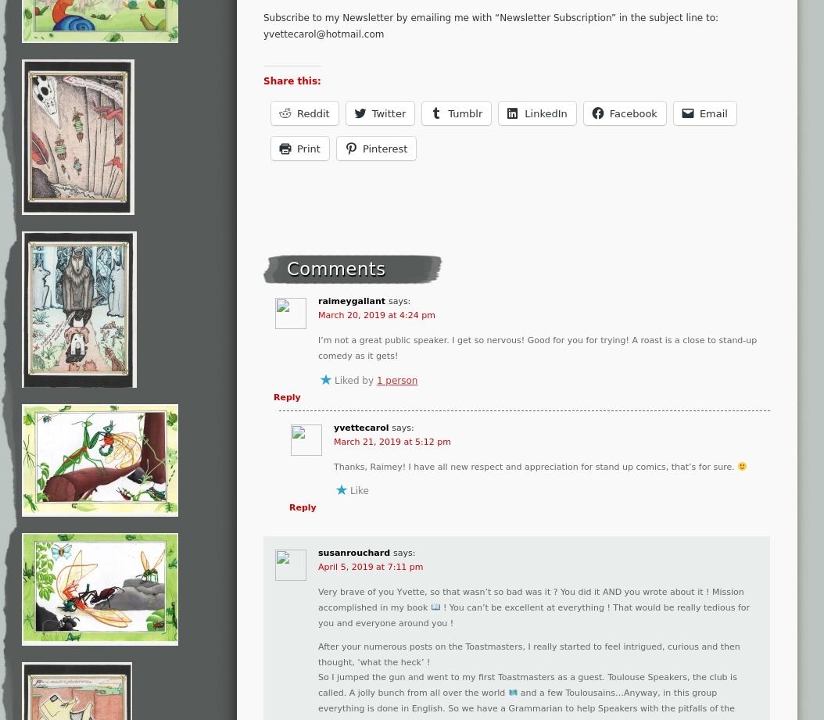 Image resolution: width=824 pixels, height=720 pixels. What do you see at coordinates (336, 268) in the screenshot?
I see `'Comments'` at bounding box center [336, 268].